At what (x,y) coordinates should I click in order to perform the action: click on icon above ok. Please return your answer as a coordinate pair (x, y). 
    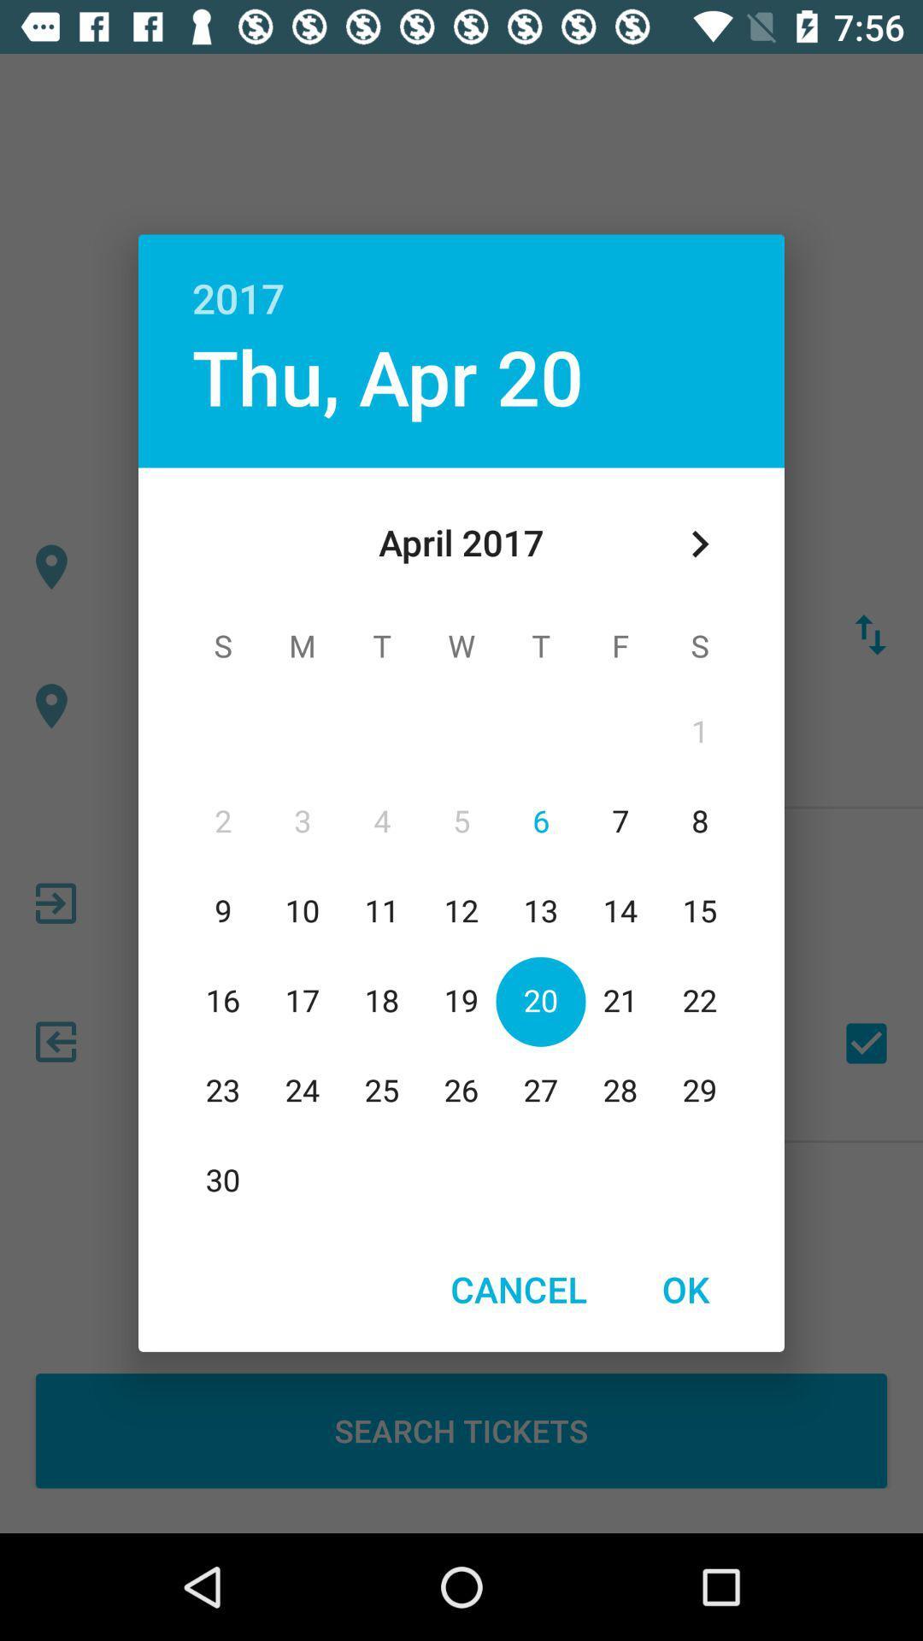
    Looking at the image, I should click on (699, 543).